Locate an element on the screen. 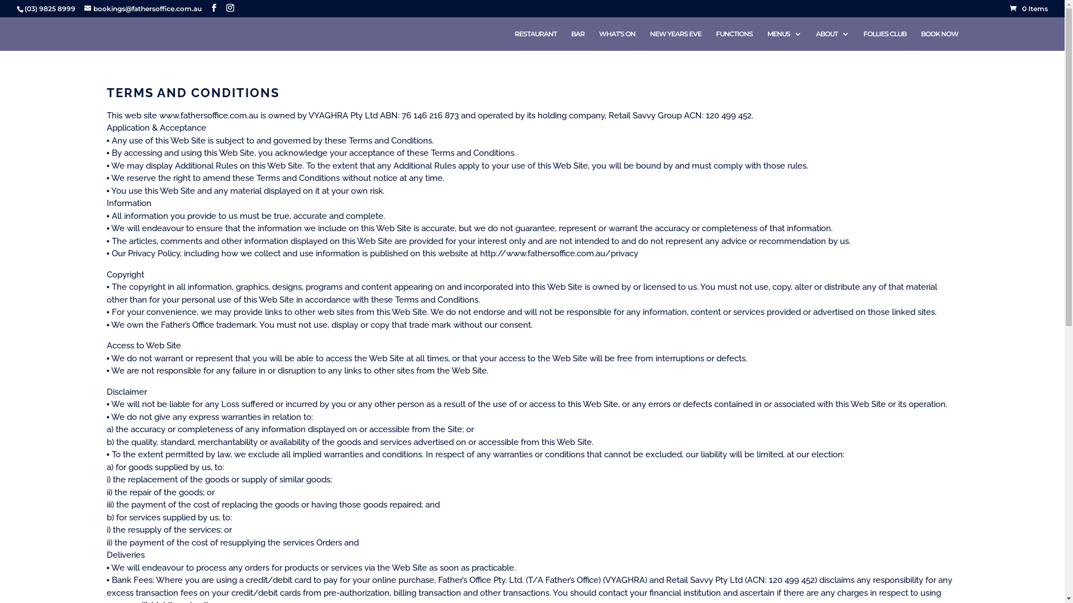 The width and height of the screenshot is (1073, 603). 'ABOUT' is located at coordinates (832, 40).